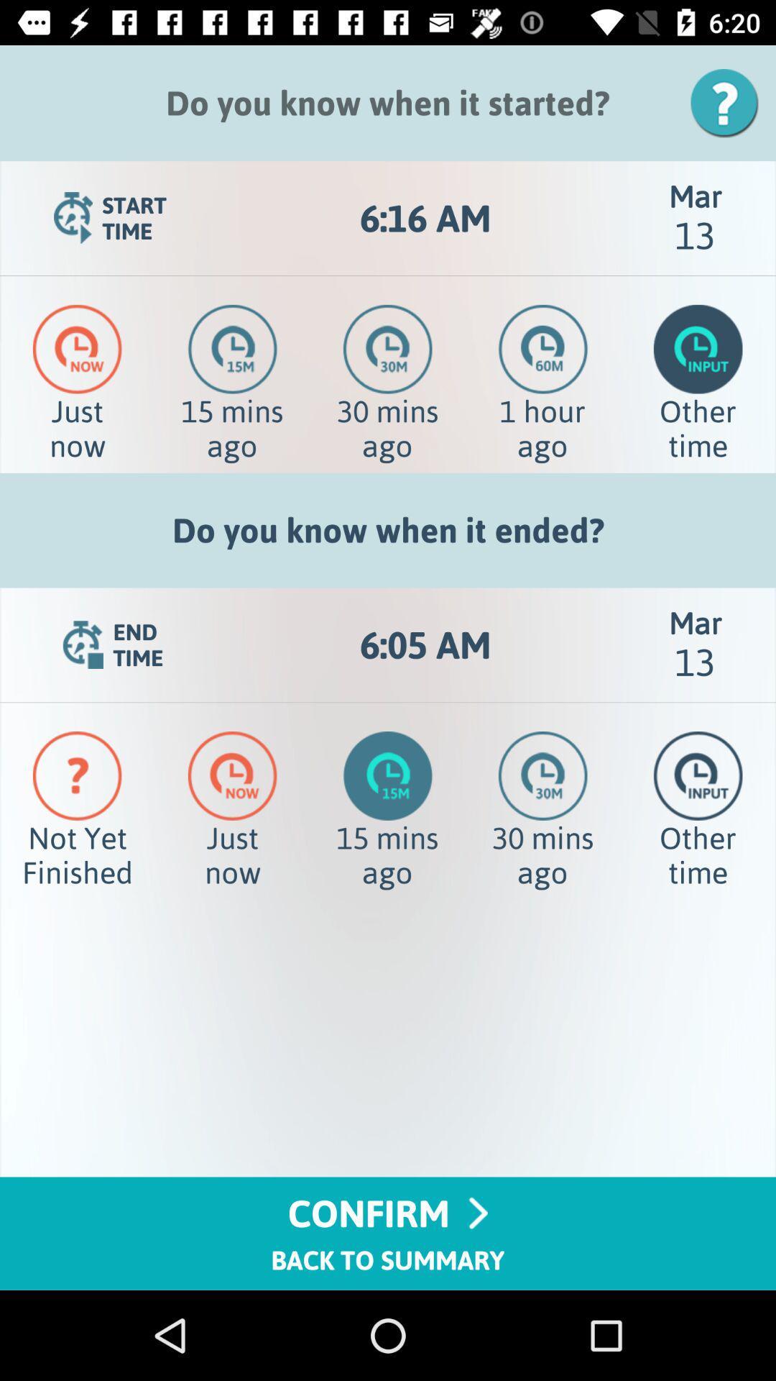 The height and width of the screenshot is (1381, 776). What do you see at coordinates (77, 349) in the screenshot?
I see `the time icon` at bounding box center [77, 349].